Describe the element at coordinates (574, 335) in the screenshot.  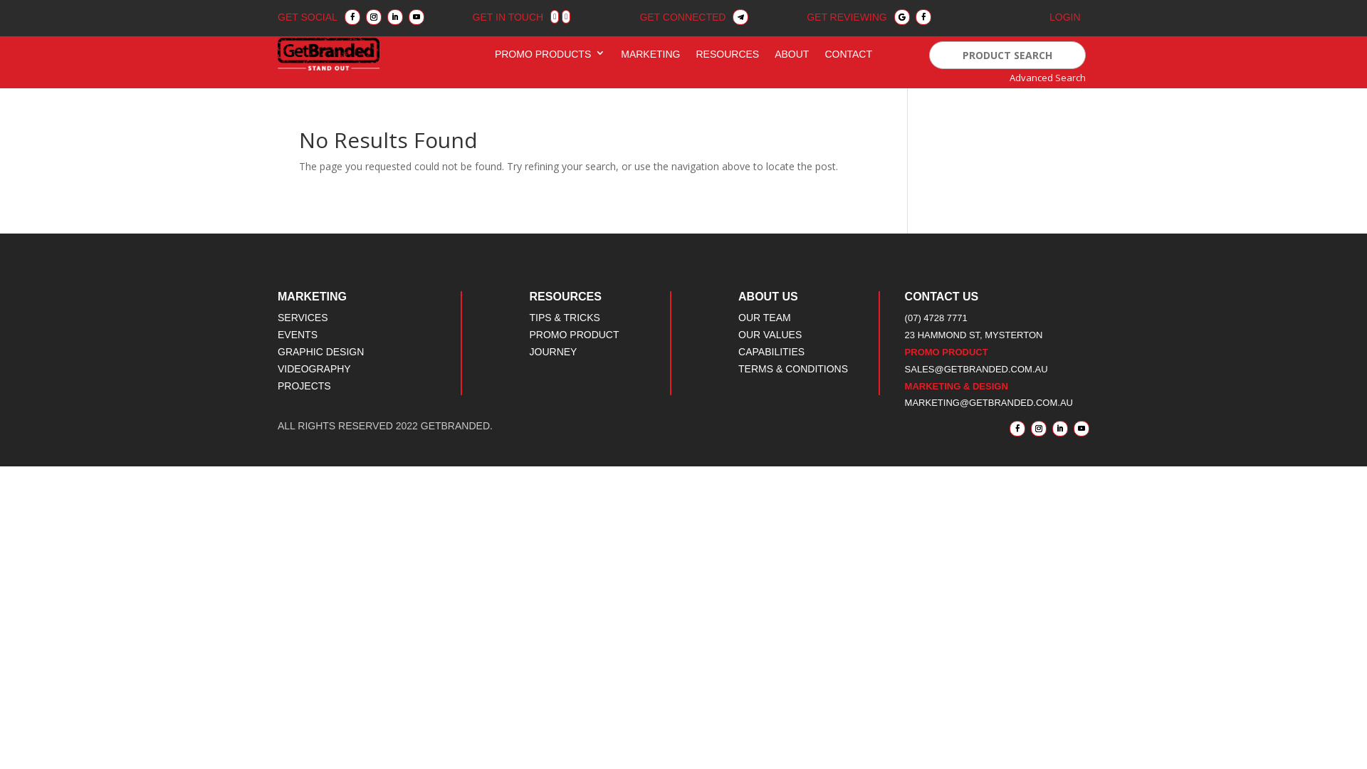
I see `'PROMO PRODUCT'` at that location.